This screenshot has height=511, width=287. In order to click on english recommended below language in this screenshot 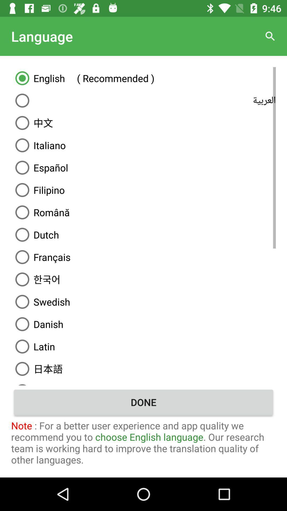, I will do `click(143, 78)`.